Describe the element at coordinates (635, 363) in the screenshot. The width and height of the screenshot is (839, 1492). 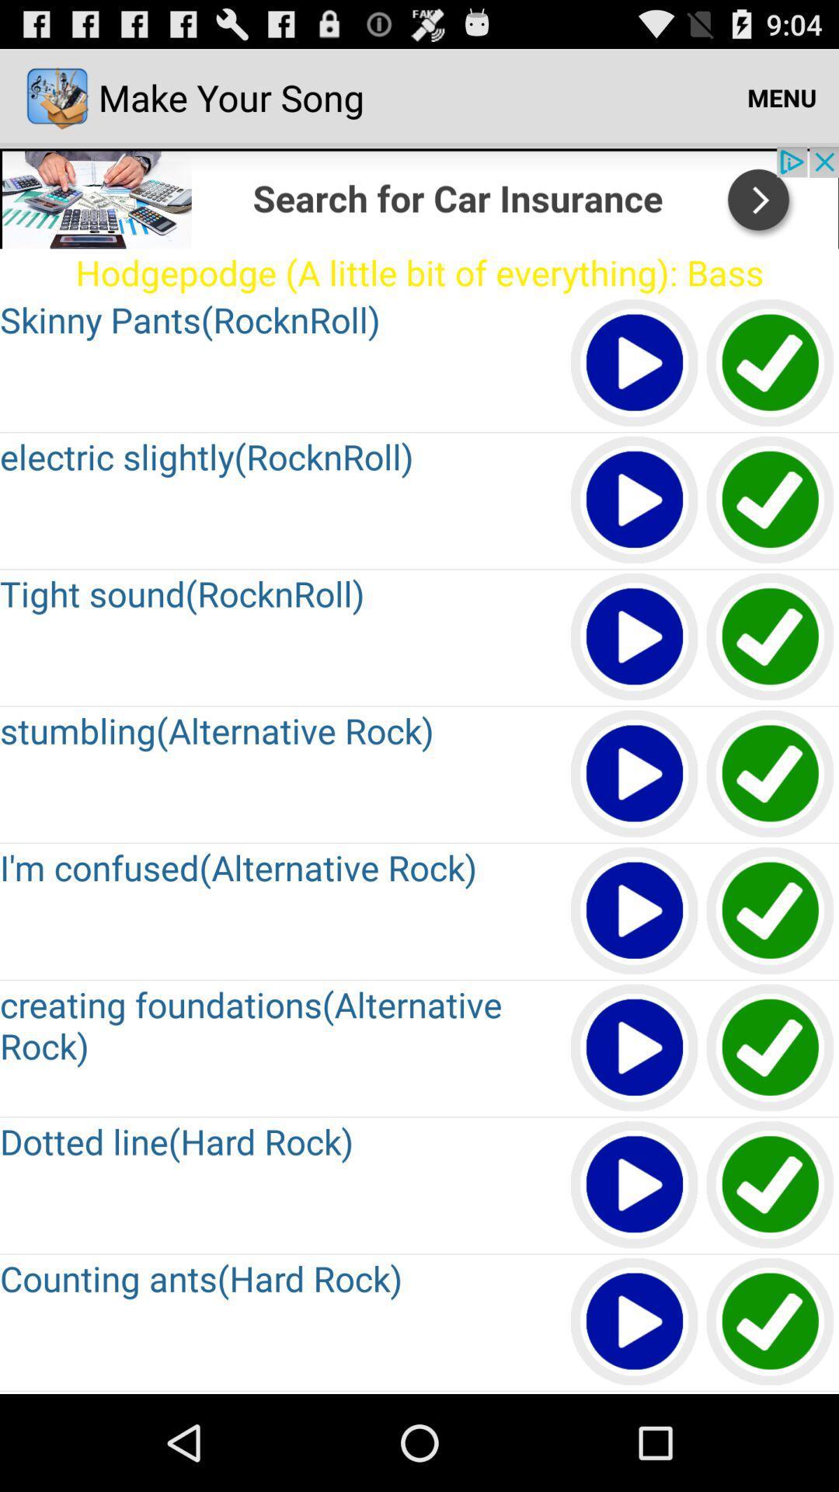
I see `click on play button` at that location.